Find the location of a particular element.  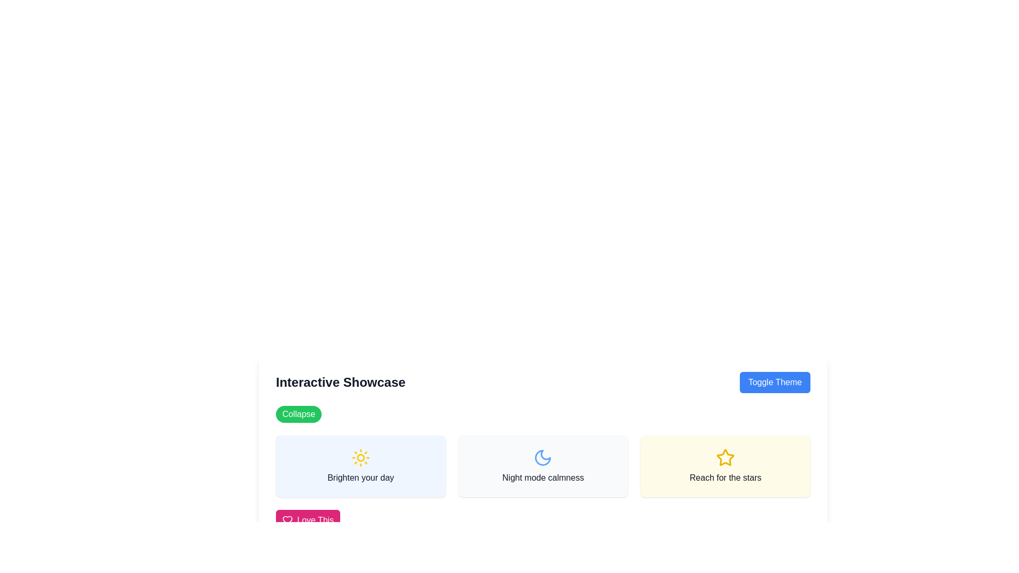

the text label 'Reach for the stars' and the accompanying gold star icon inside the yellow card, which is the third item in a grid layout of cards is located at coordinates (725, 466).